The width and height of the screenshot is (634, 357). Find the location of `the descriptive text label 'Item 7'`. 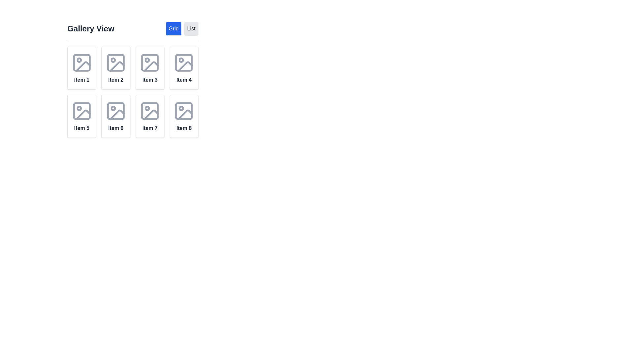

the descriptive text label 'Item 7' is located at coordinates (150, 128).